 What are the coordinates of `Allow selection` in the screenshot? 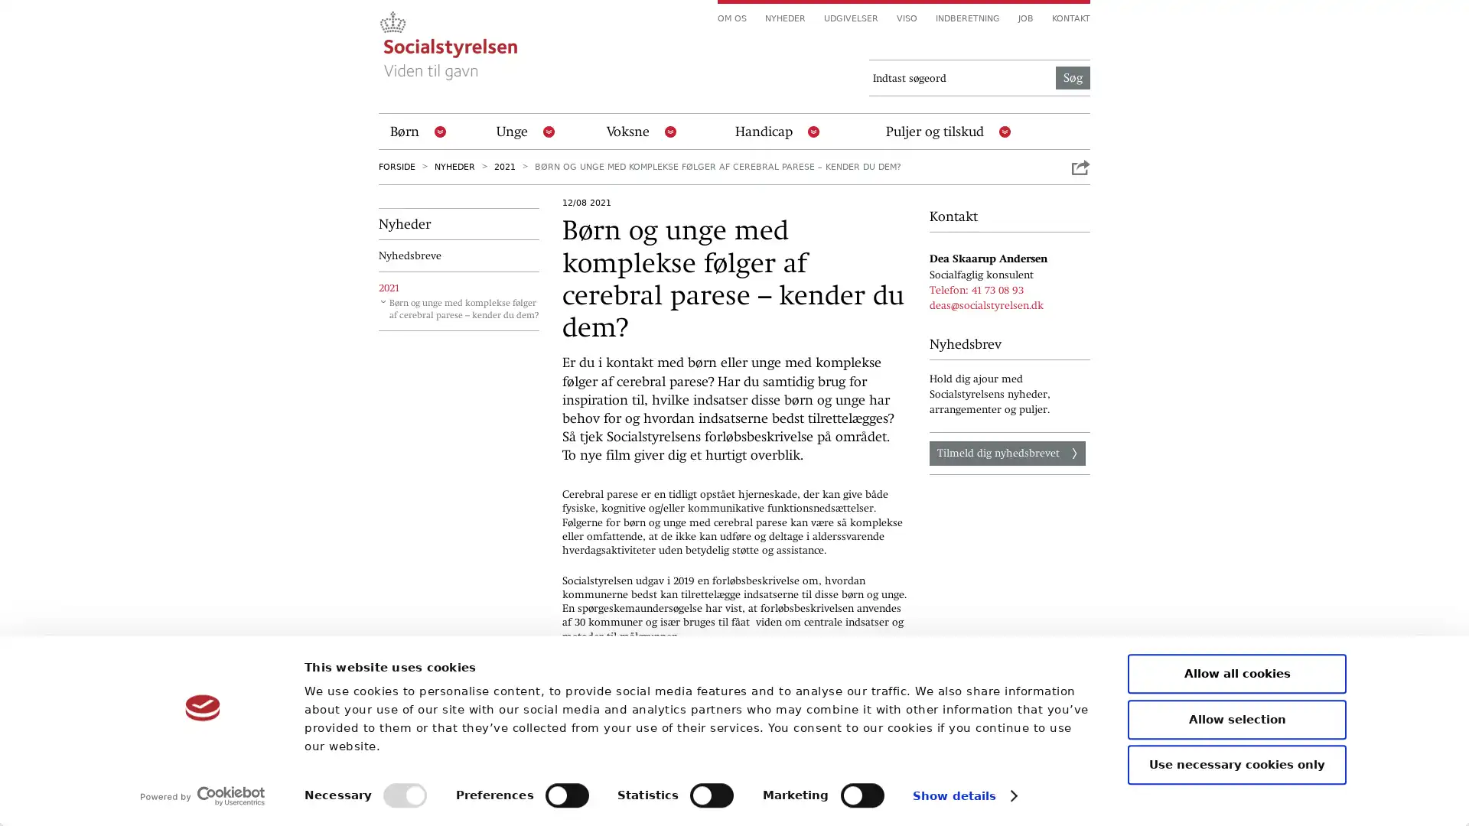 It's located at (1237, 719).